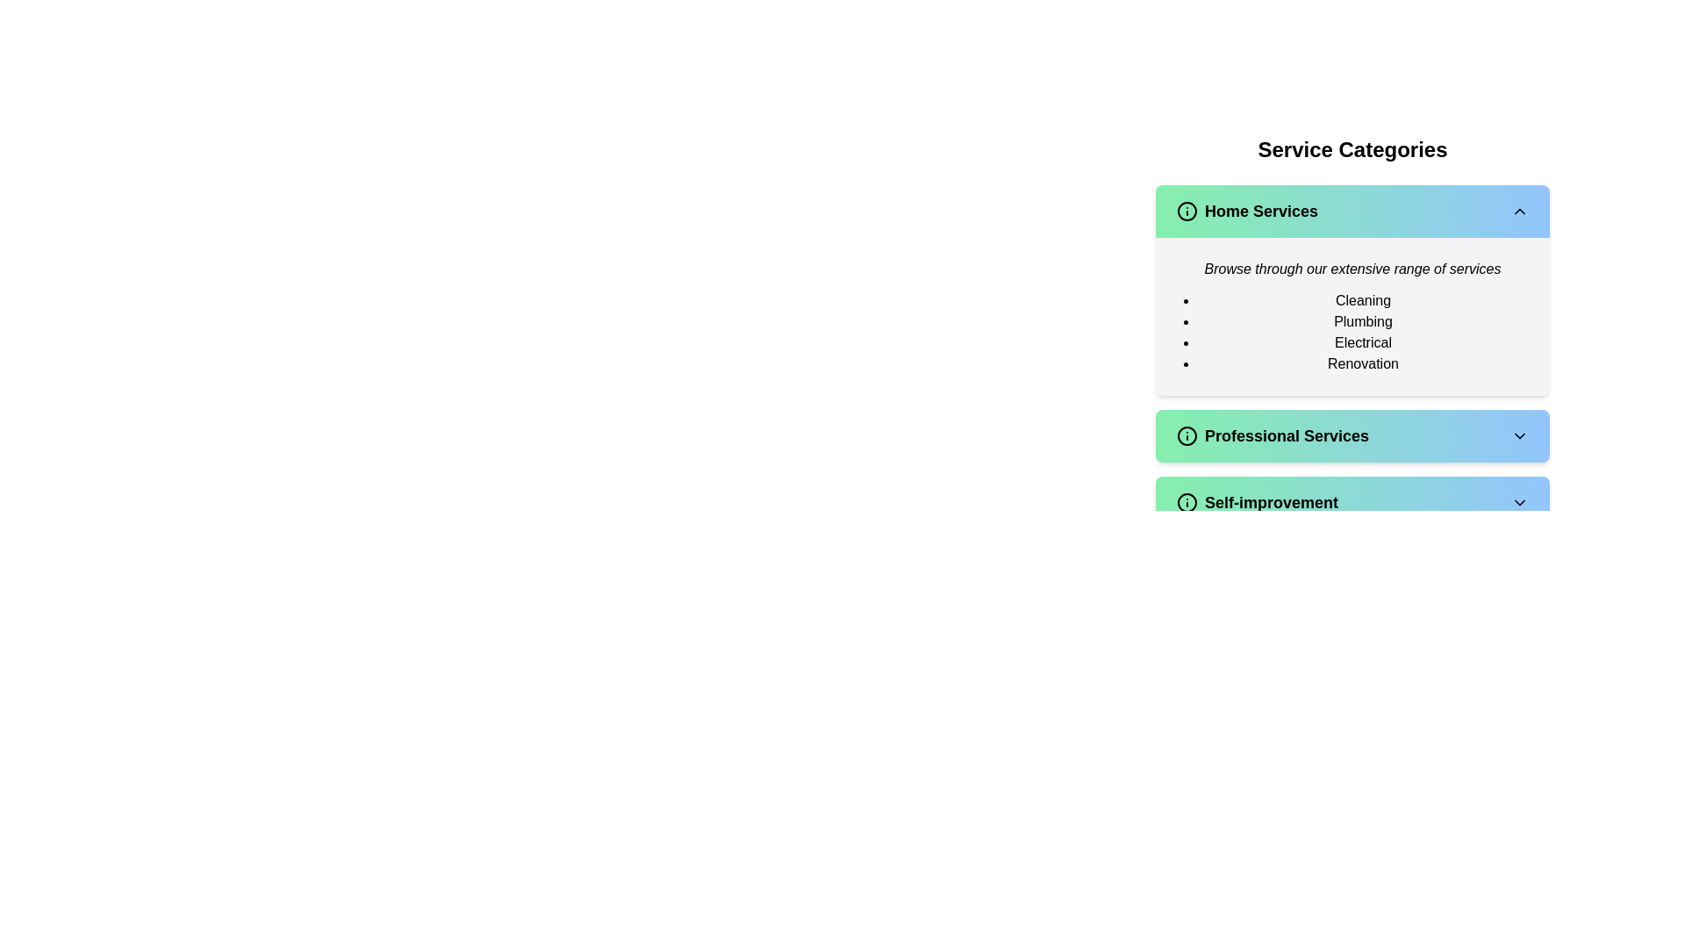 The width and height of the screenshot is (1685, 948). Describe the element at coordinates (1519, 503) in the screenshot. I see `the center of the down arrow icon` at that location.